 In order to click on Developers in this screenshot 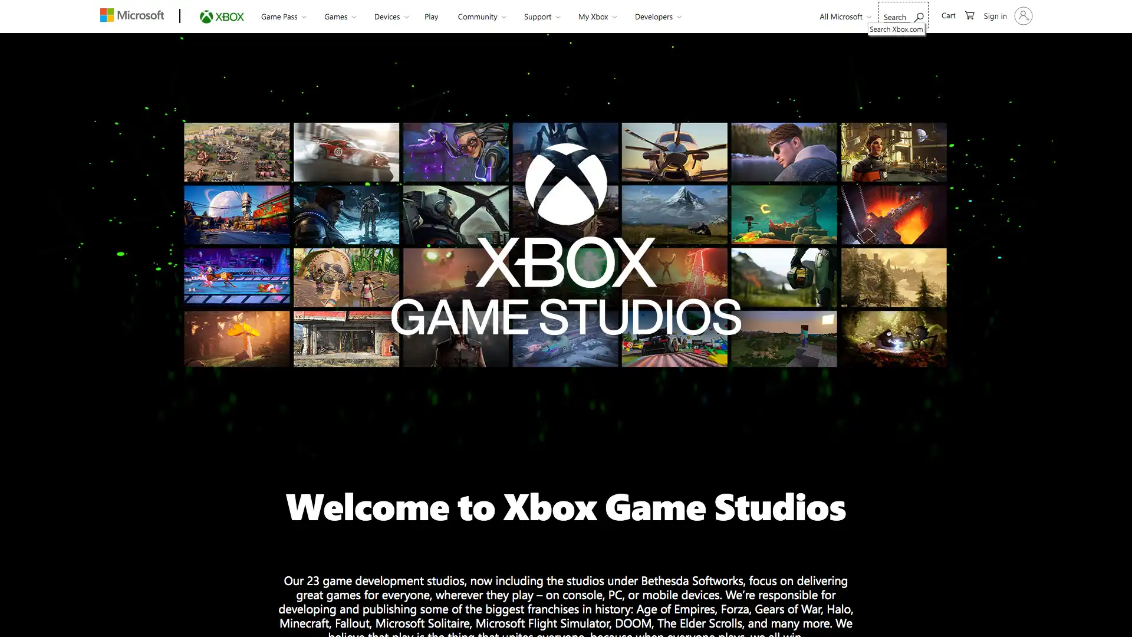, I will do `click(657, 16)`.